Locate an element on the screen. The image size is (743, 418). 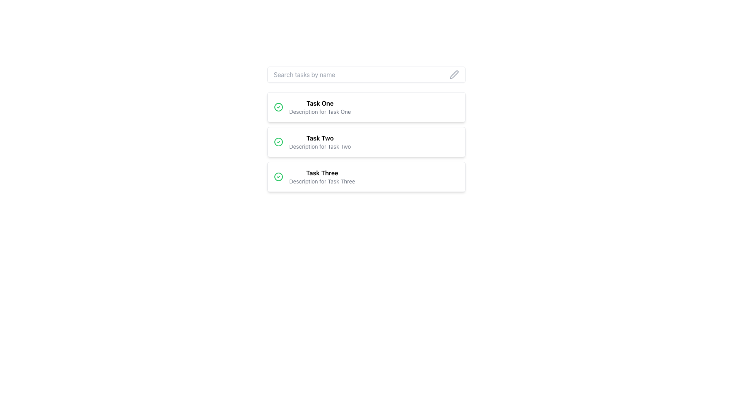
the Text Block representing a task item, which is centrally positioned below 'Task One' and above 'Task Three', featuring a green circle with a checkmark icon to its left is located at coordinates (320, 142).